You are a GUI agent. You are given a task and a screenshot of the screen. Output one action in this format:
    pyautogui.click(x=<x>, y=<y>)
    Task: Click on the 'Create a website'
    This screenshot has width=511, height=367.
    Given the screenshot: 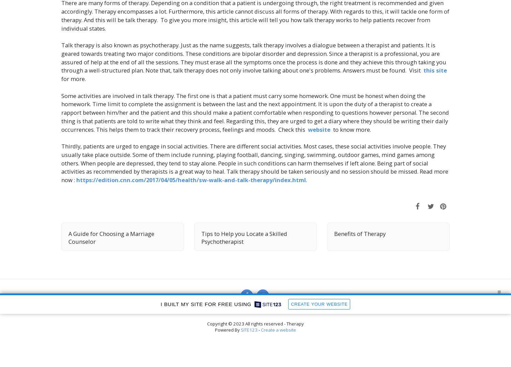 What is the action you would take?
    pyautogui.click(x=278, y=330)
    